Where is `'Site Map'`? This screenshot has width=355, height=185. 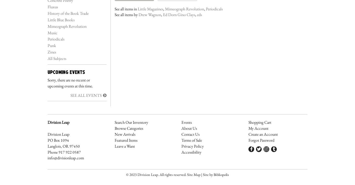
'Site Map' is located at coordinates (194, 174).